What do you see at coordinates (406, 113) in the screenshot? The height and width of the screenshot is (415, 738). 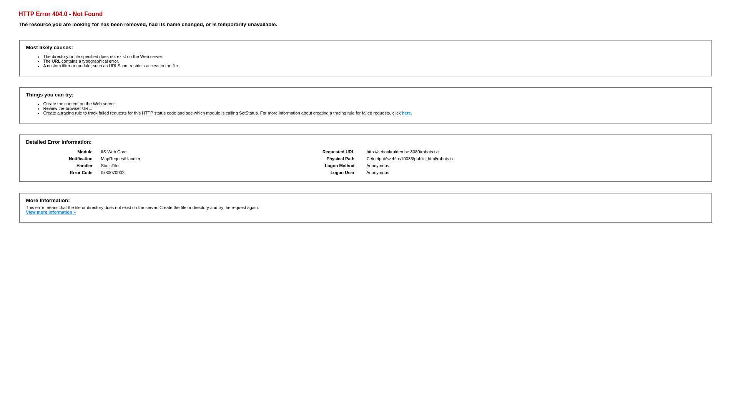 I see `'here'` at bounding box center [406, 113].